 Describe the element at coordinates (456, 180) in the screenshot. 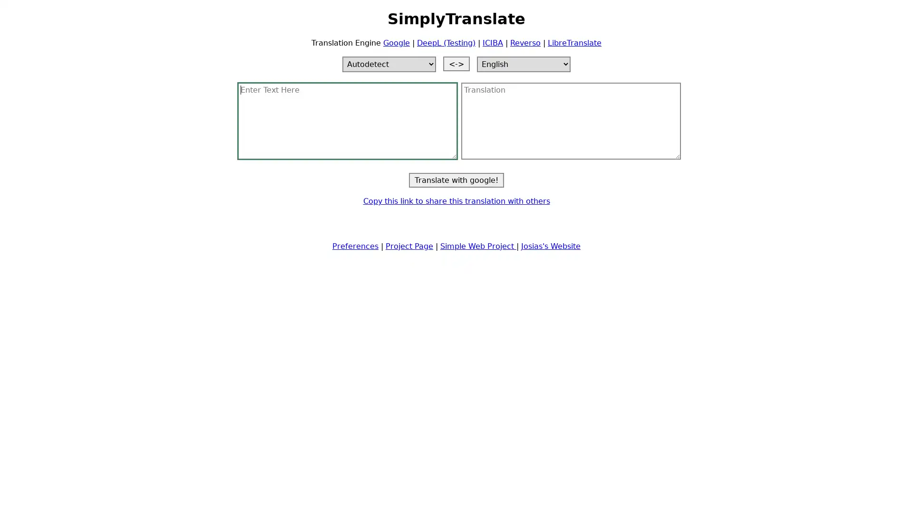

I see `Translate with google!` at that location.